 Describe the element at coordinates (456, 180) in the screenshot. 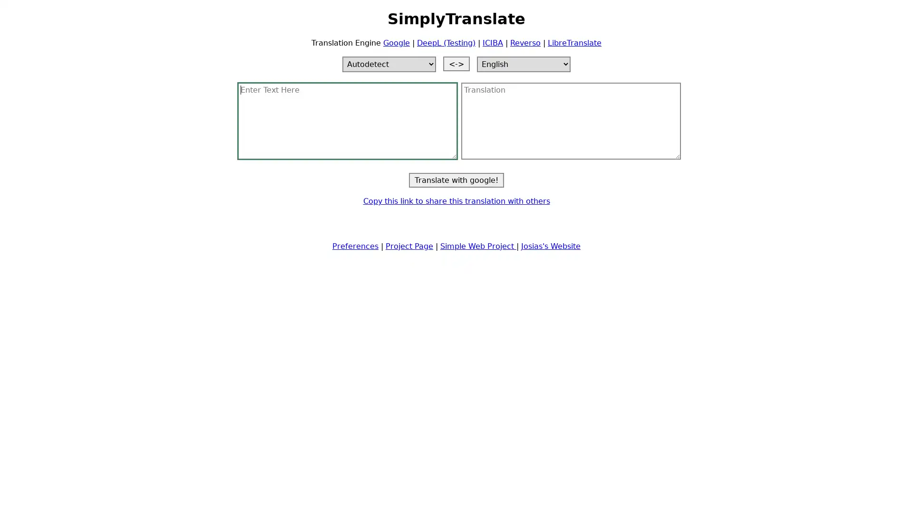

I see `Translate with google!` at that location.